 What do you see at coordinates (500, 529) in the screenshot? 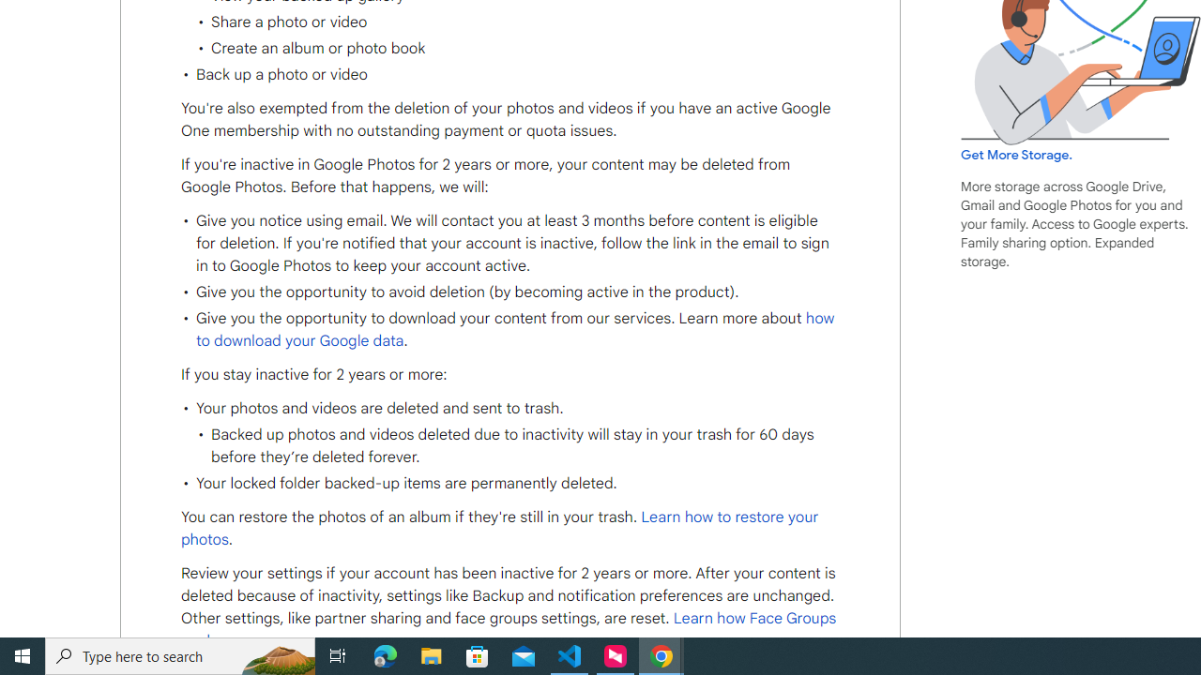
I see `'Learn how to restore your photos'` at bounding box center [500, 529].